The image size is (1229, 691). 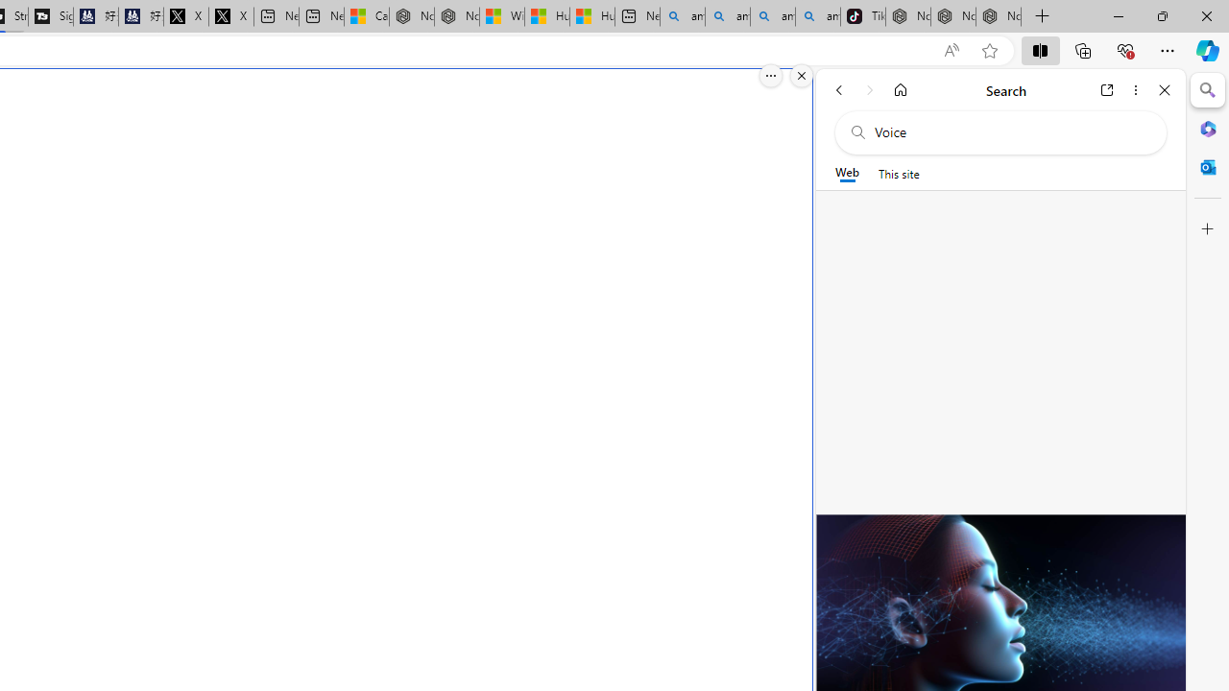 What do you see at coordinates (999, 16) in the screenshot?
I see `'Nordace - Siena Pro 15 Essential Set'` at bounding box center [999, 16].